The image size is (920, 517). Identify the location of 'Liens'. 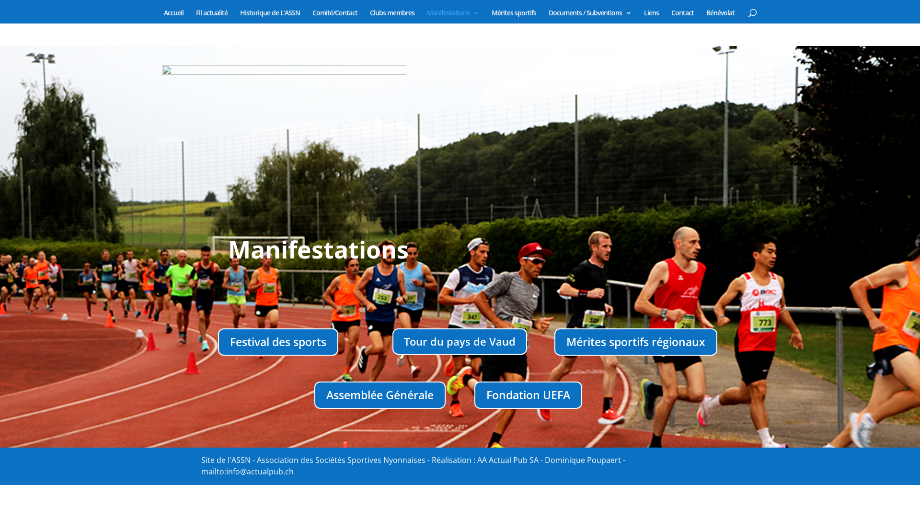
(651, 16).